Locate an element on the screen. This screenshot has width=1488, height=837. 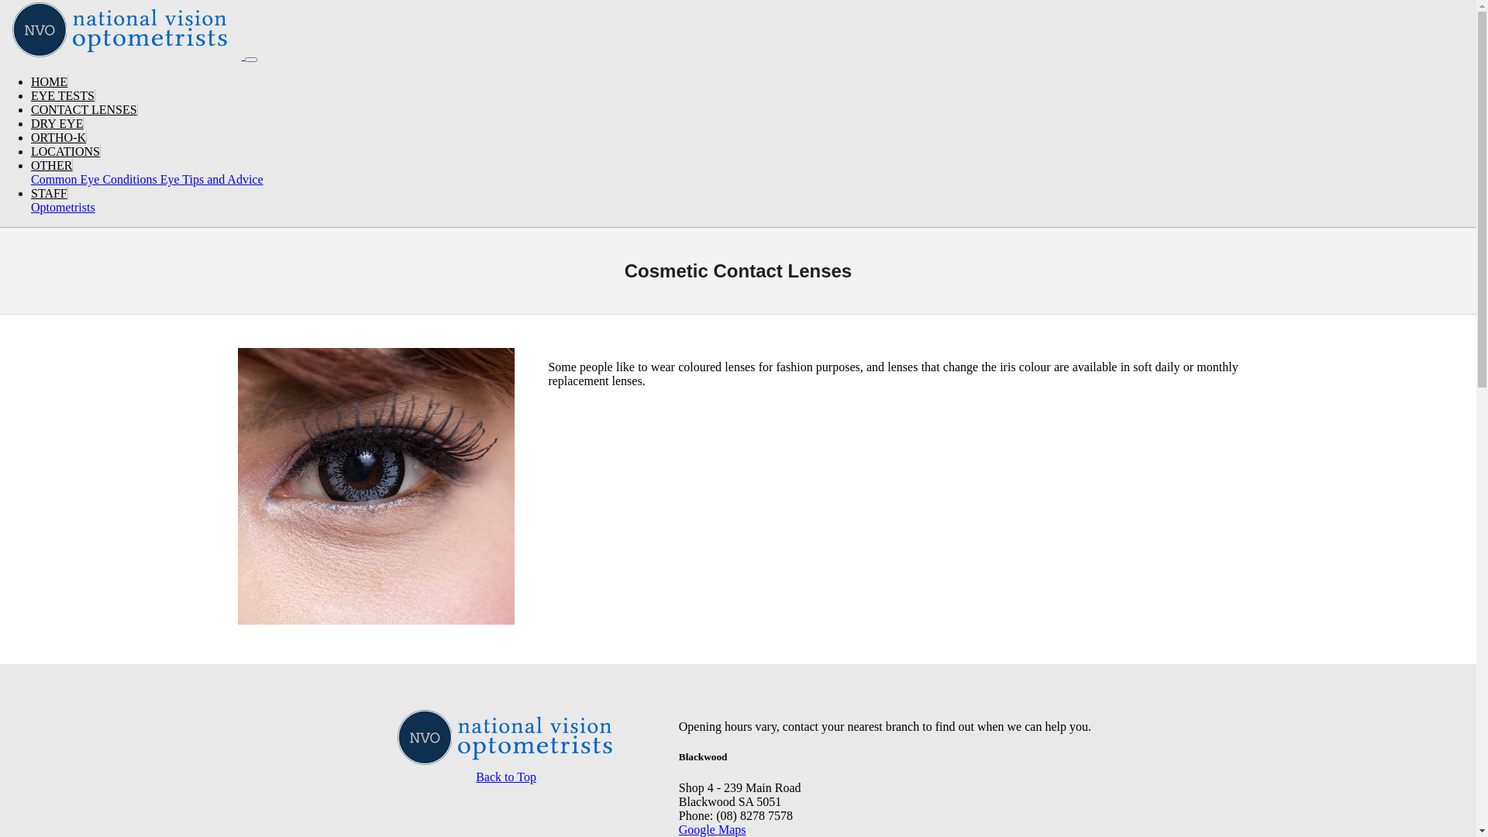
'ORTHO-K' is located at coordinates (59, 136).